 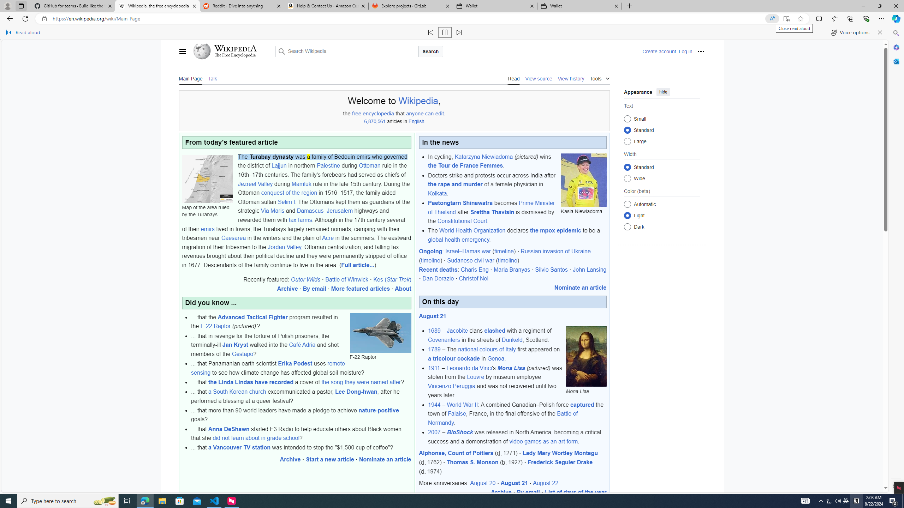 What do you see at coordinates (268, 368) in the screenshot?
I see `'remote sensing'` at bounding box center [268, 368].